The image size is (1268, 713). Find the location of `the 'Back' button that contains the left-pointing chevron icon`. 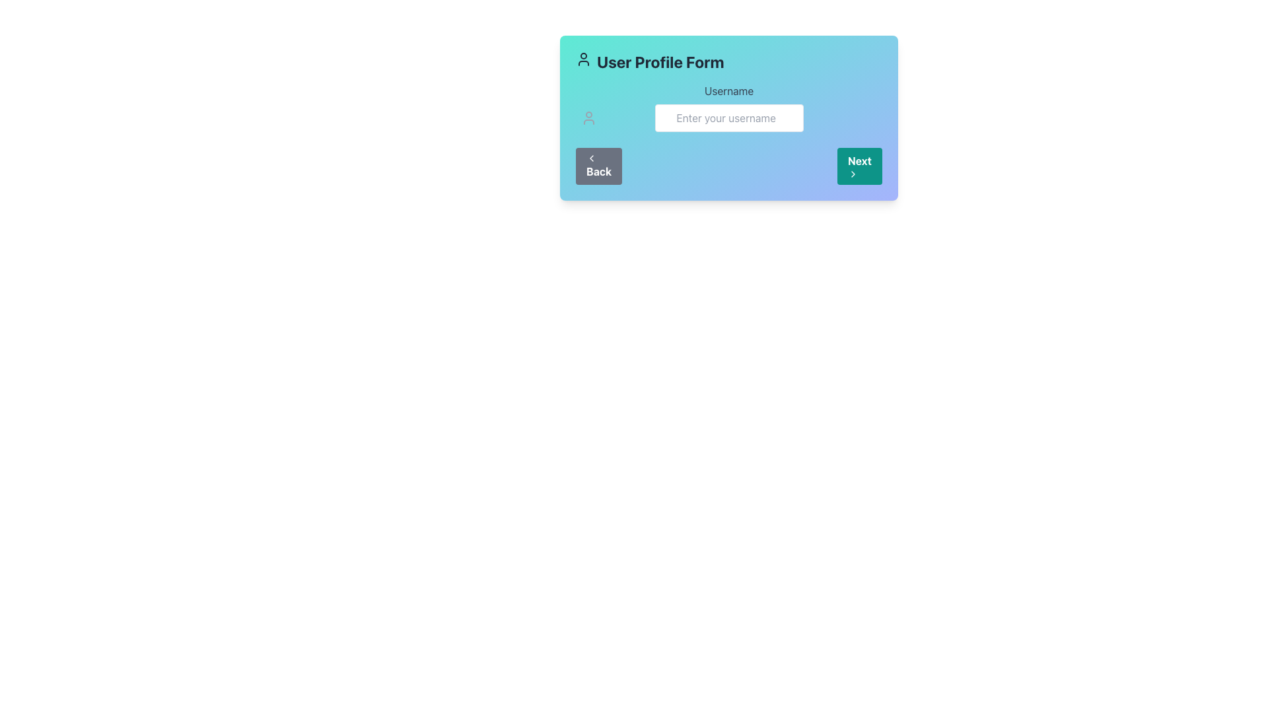

the 'Back' button that contains the left-pointing chevron icon is located at coordinates (591, 157).